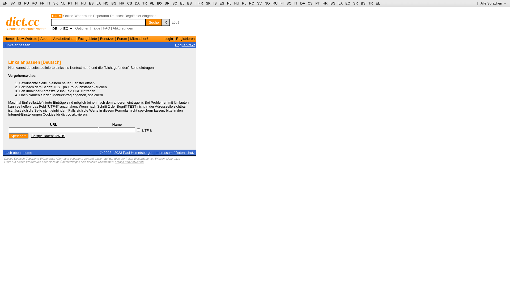 The width and height of the screenshot is (510, 287). I want to click on 'RU', so click(275, 3).